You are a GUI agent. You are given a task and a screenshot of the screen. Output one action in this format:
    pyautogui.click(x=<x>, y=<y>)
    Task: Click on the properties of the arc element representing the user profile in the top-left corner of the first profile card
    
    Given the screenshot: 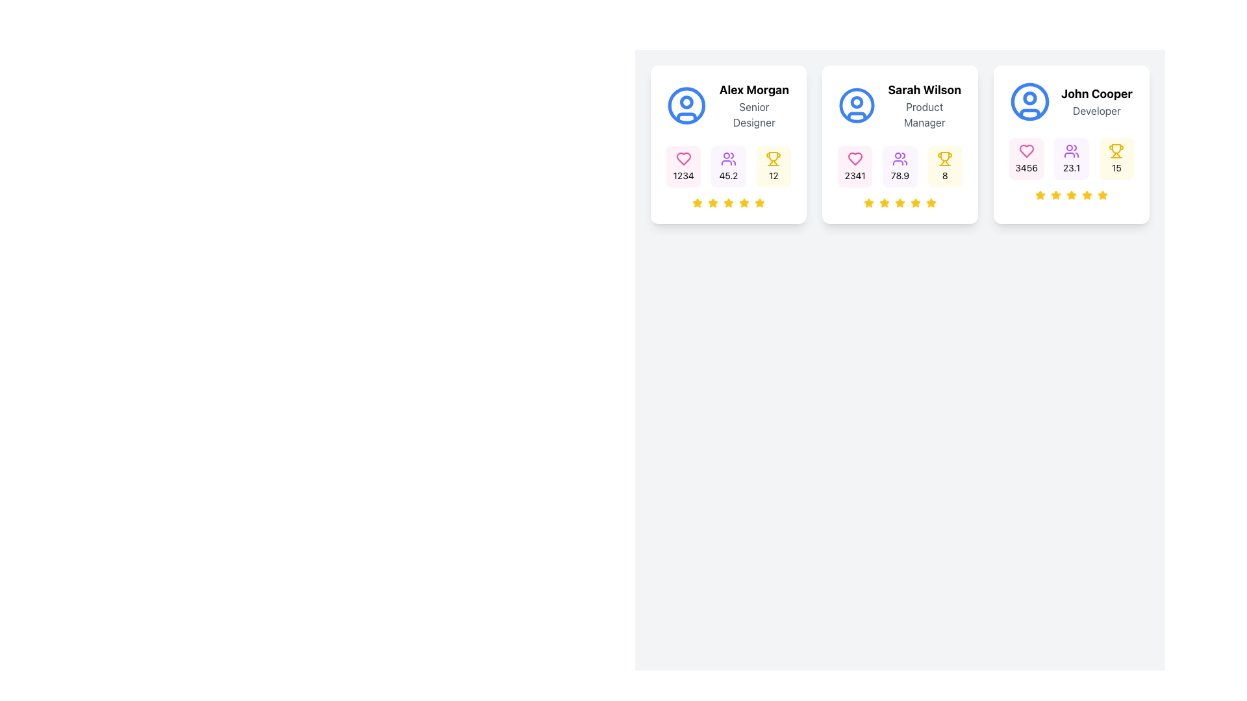 What is the action you would take?
    pyautogui.click(x=686, y=117)
    